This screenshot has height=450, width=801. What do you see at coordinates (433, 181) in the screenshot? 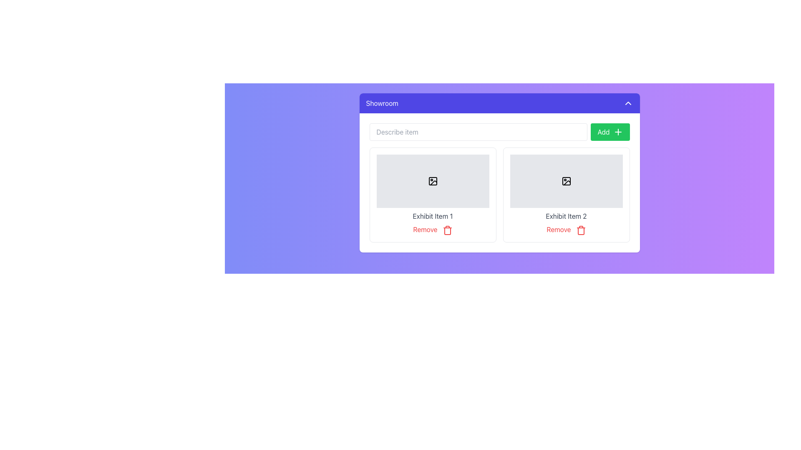
I see `the graph-like image placeholder icon located within the 'Exhibit Item 1' card in the 'Showroom' section` at bounding box center [433, 181].